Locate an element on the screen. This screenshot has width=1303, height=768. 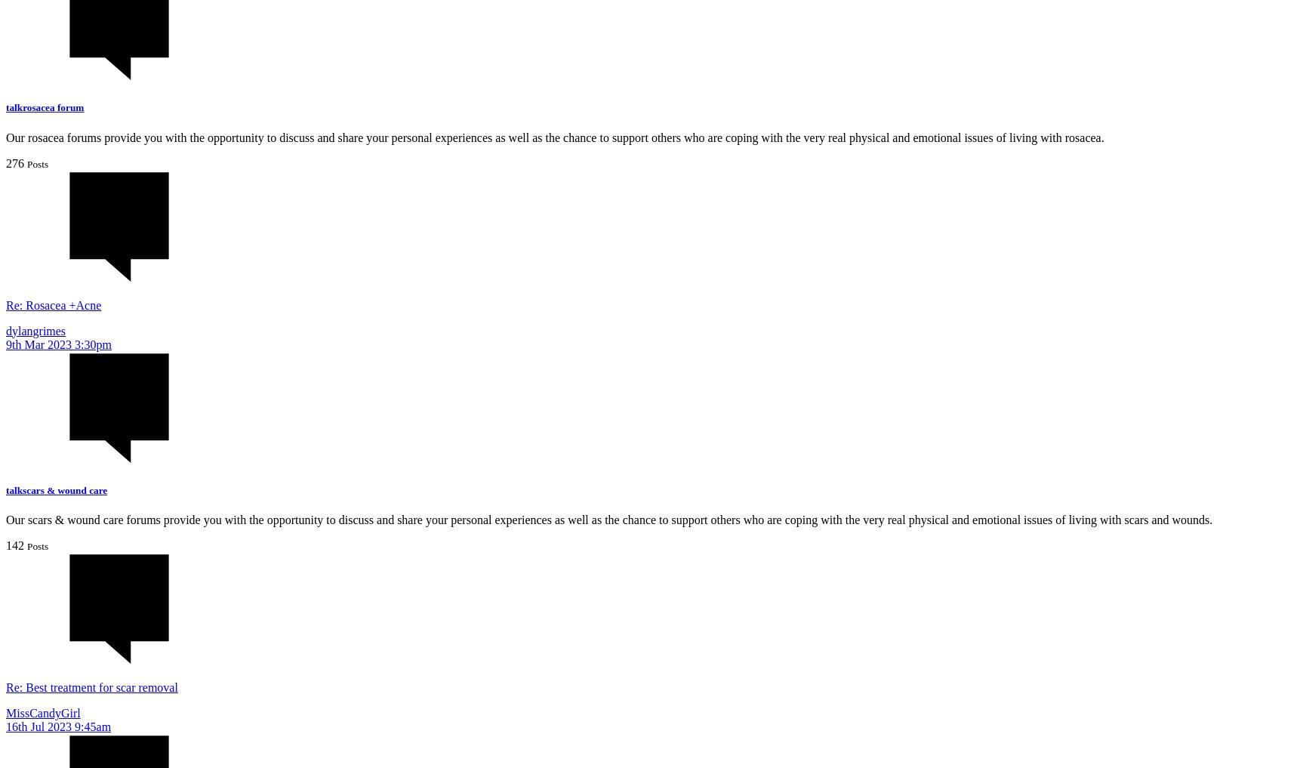
'talkscars & wound care' is located at coordinates (5, 489).